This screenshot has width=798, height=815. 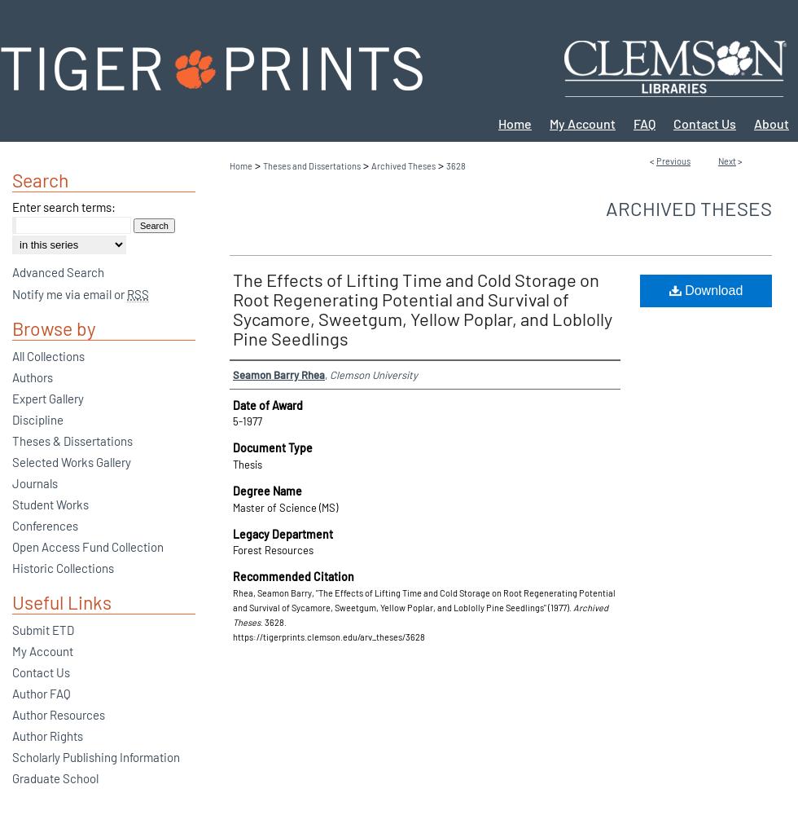 I want to click on 'Conferences', so click(x=11, y=526).